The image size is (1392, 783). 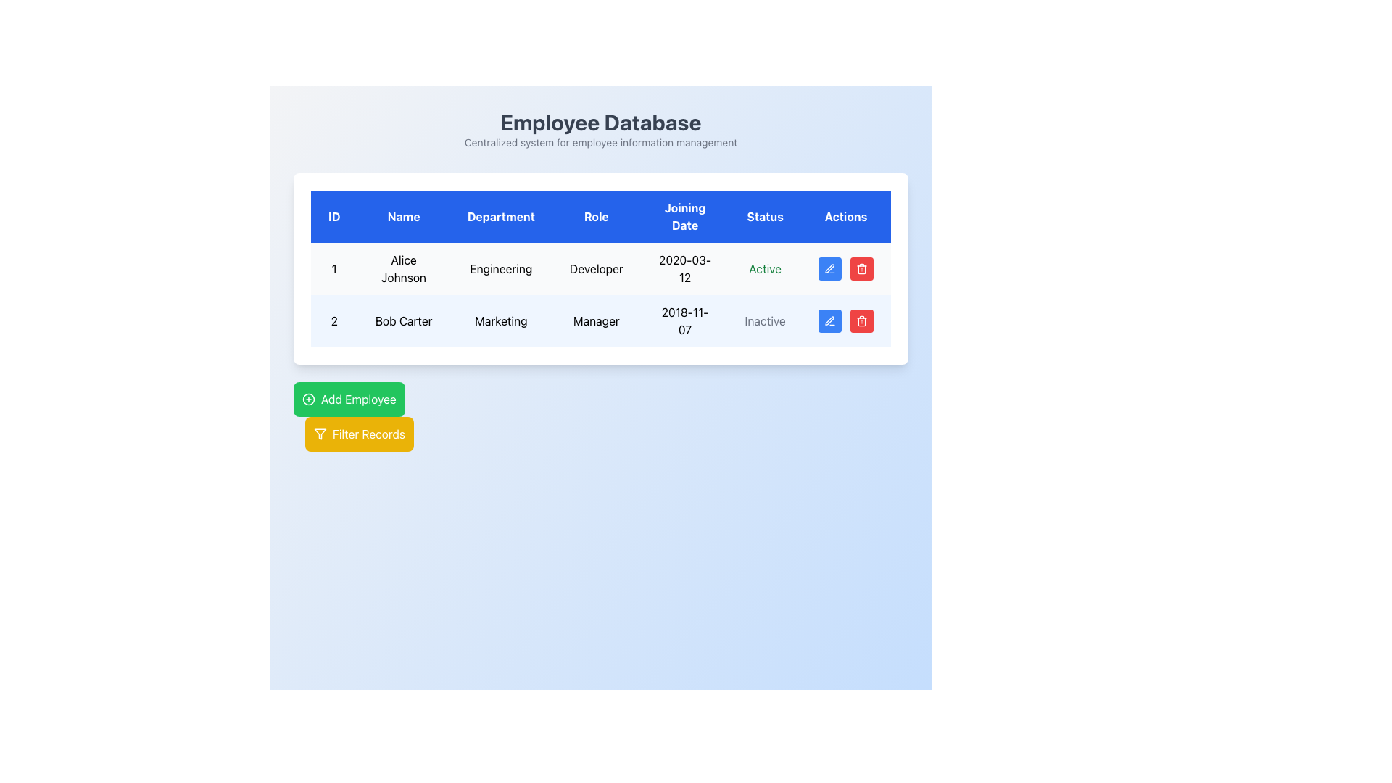 What do you see at coordinates (404, 268) in the screenshot?
I see `the text label displaying 'Alice Johnson' in the second column of the first row of the table, which provides identifying information for that row` at bounding box center [404, 268].